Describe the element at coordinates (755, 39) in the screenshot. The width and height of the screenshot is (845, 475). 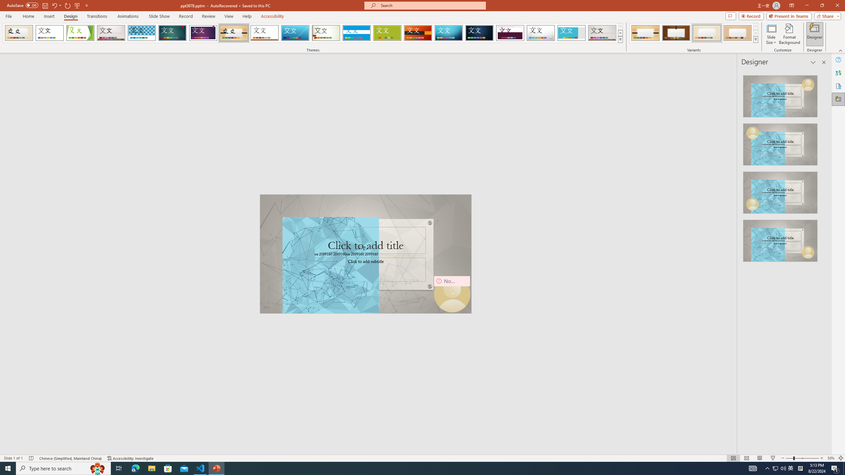
I see `'Variants'` at that location.